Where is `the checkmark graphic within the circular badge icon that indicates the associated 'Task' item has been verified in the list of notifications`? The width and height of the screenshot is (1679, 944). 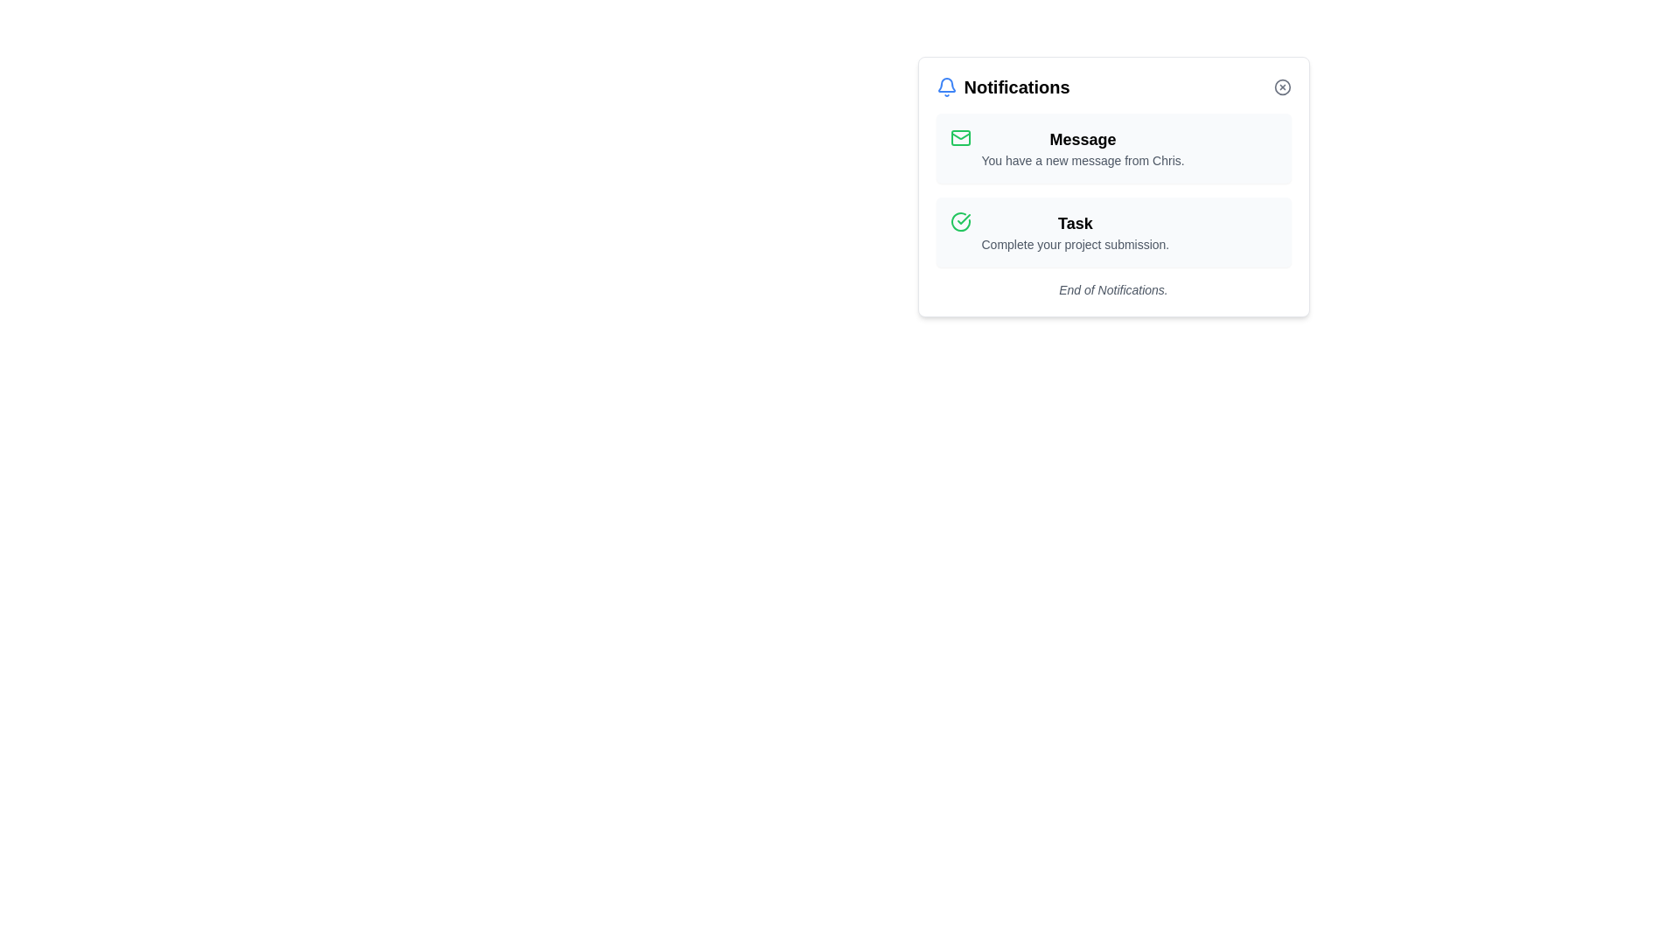
the checkmark graphic within the circular badge icon that indicates the associated 'Task' item has been verified in the list of notifications is located at coordinates (963, 218).